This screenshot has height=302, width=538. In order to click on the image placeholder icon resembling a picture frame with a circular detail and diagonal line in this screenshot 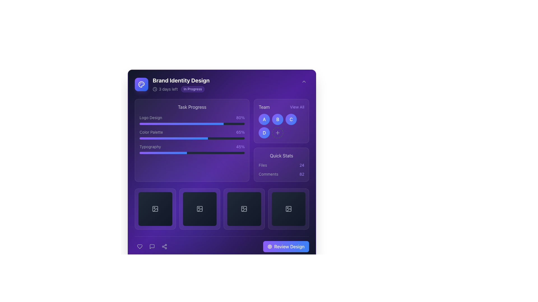, I will do `click(288, 209)`.